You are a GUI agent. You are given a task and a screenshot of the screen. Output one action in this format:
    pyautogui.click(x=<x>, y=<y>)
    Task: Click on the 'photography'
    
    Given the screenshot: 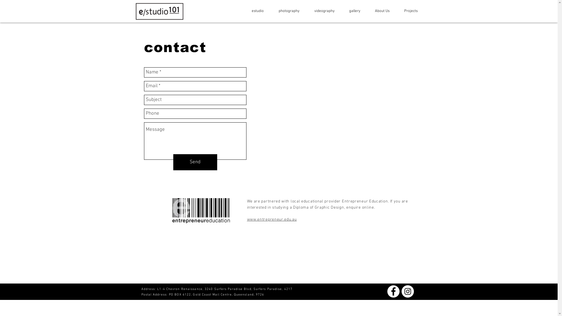 What is the action you would take?
    pyautogui.click(x=286, y=11)
    